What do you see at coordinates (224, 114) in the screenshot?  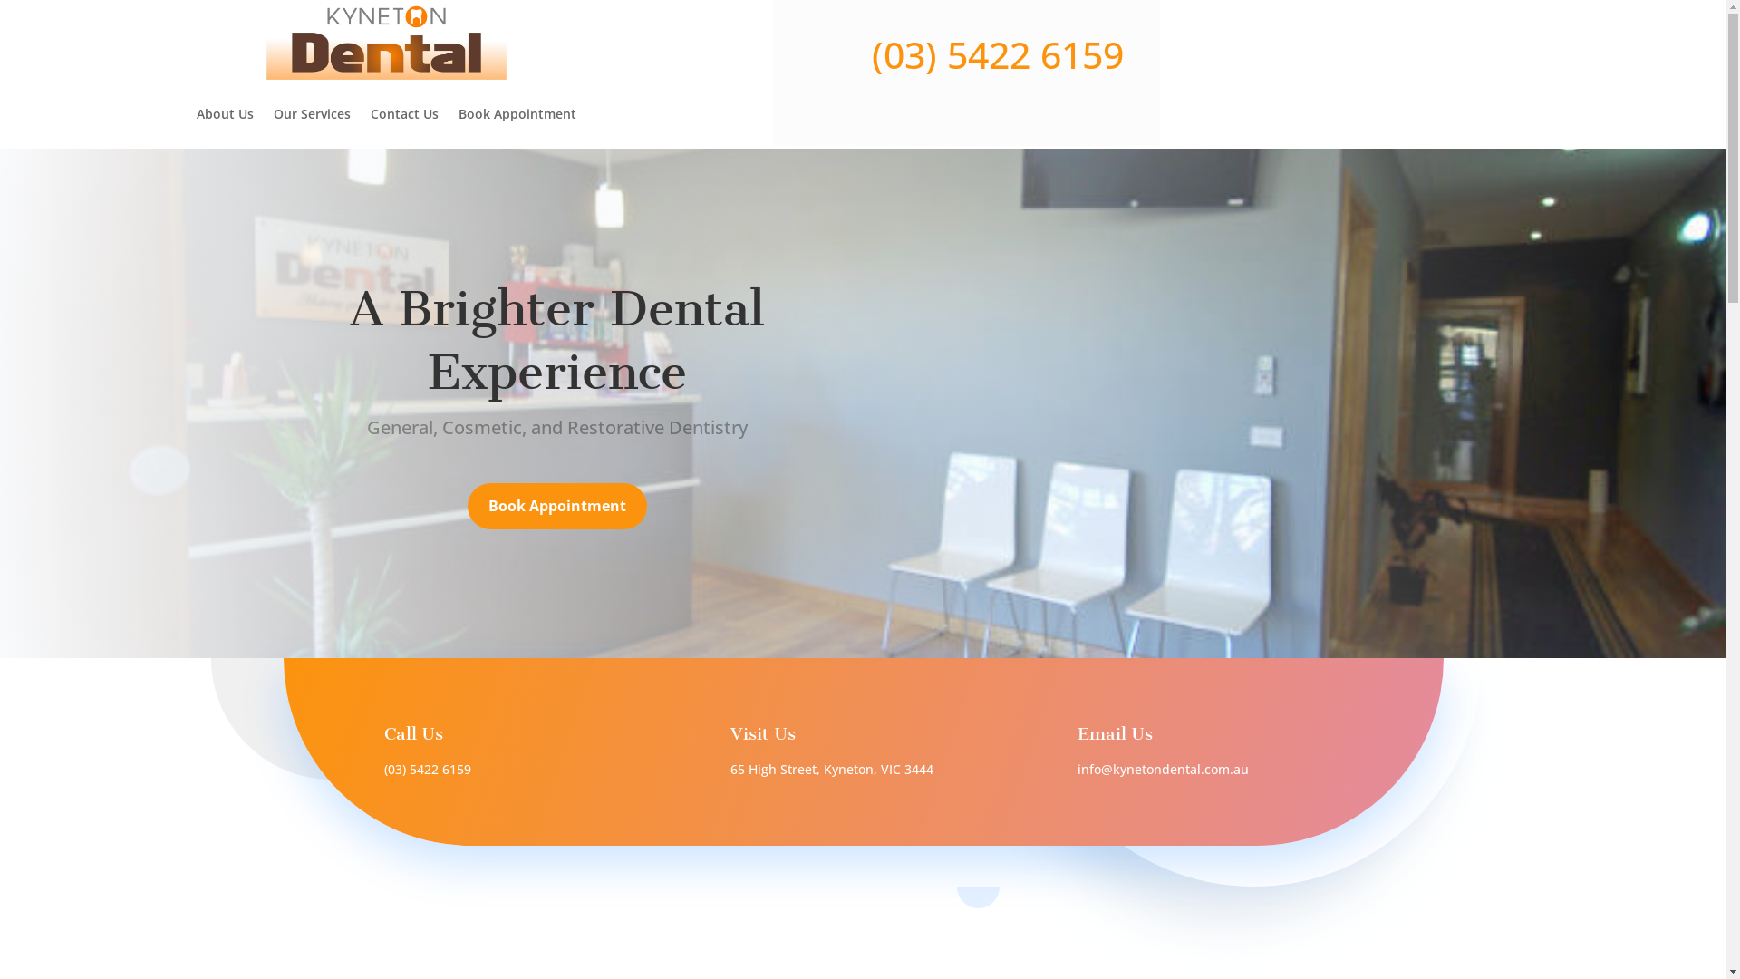 I see `'About Us'` at bounding box center [224, 114].